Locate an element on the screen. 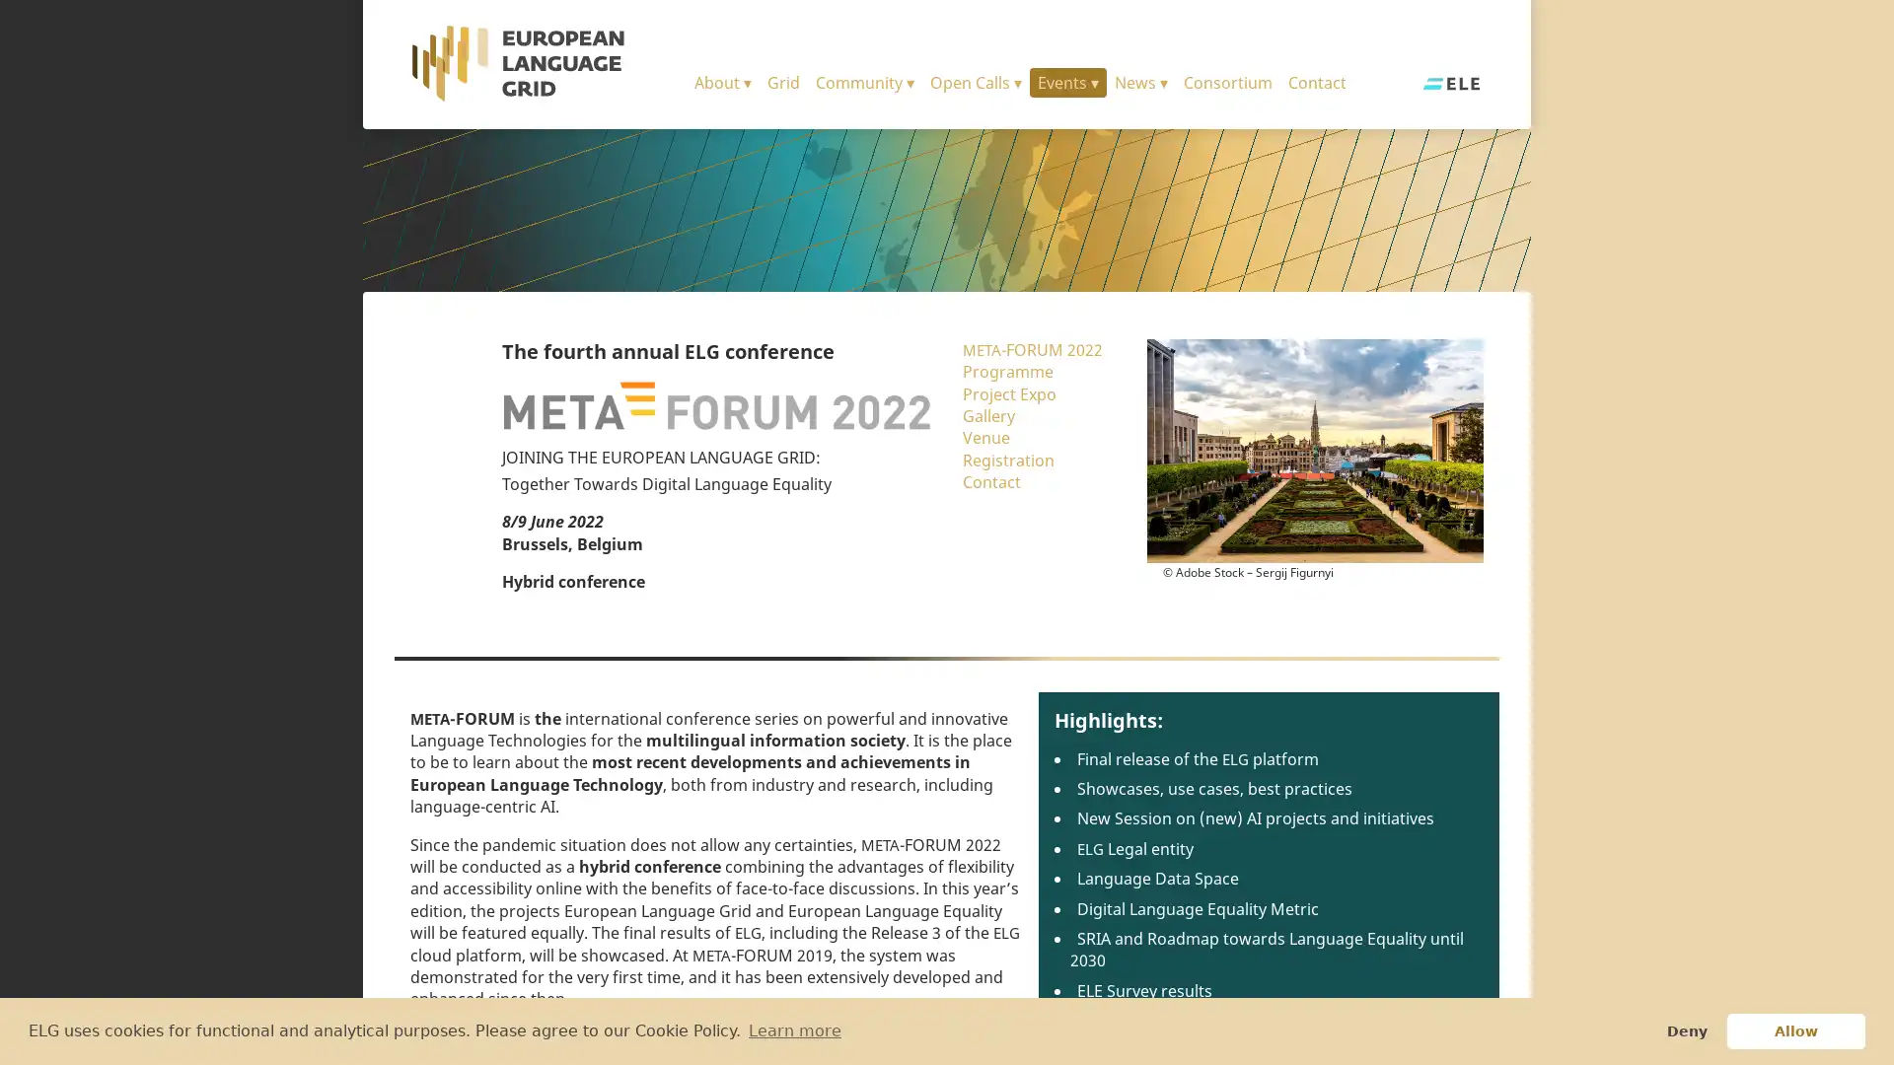  allow cookies is located at coordinates (1795, 1029).